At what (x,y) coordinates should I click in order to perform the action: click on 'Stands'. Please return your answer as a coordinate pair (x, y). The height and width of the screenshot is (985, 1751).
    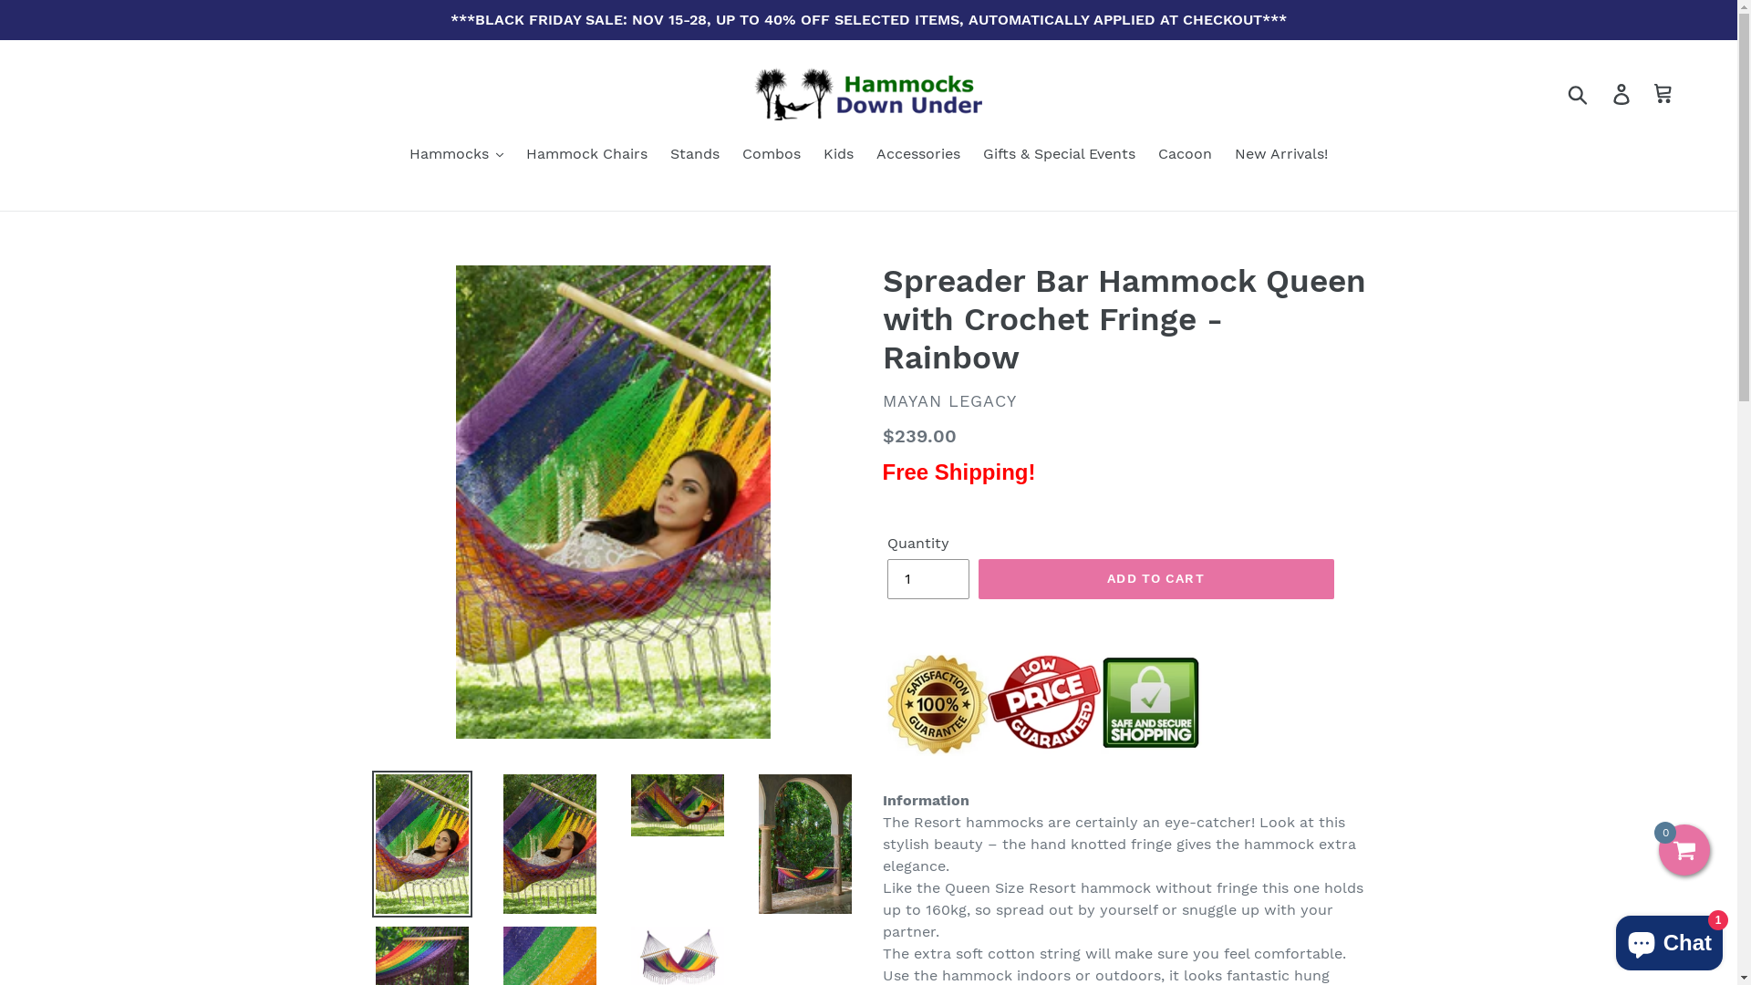
    Looking at the image, I should click on (694, 154).